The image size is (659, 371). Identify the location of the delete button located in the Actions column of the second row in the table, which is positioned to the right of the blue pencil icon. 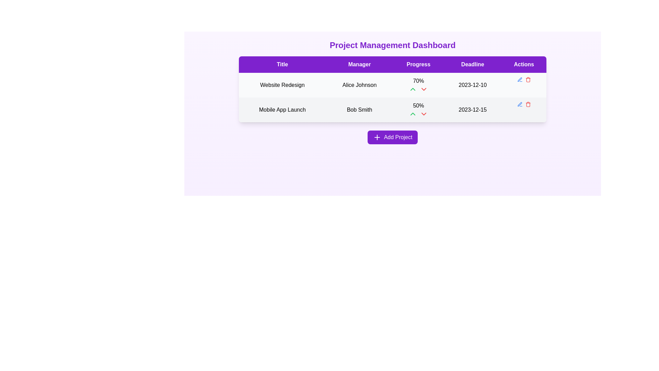
(528, 104).